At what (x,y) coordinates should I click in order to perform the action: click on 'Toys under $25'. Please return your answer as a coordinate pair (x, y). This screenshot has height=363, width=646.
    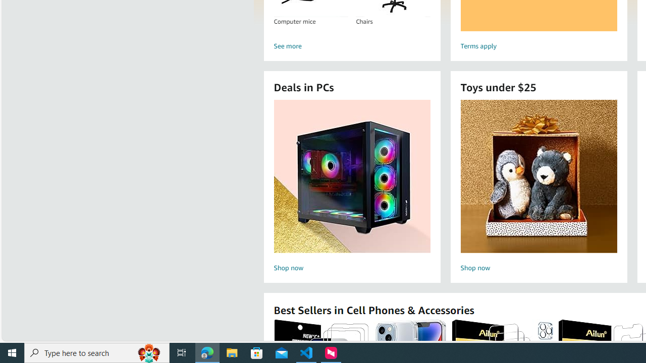
    Looking at the image, I should click on (538, 175).